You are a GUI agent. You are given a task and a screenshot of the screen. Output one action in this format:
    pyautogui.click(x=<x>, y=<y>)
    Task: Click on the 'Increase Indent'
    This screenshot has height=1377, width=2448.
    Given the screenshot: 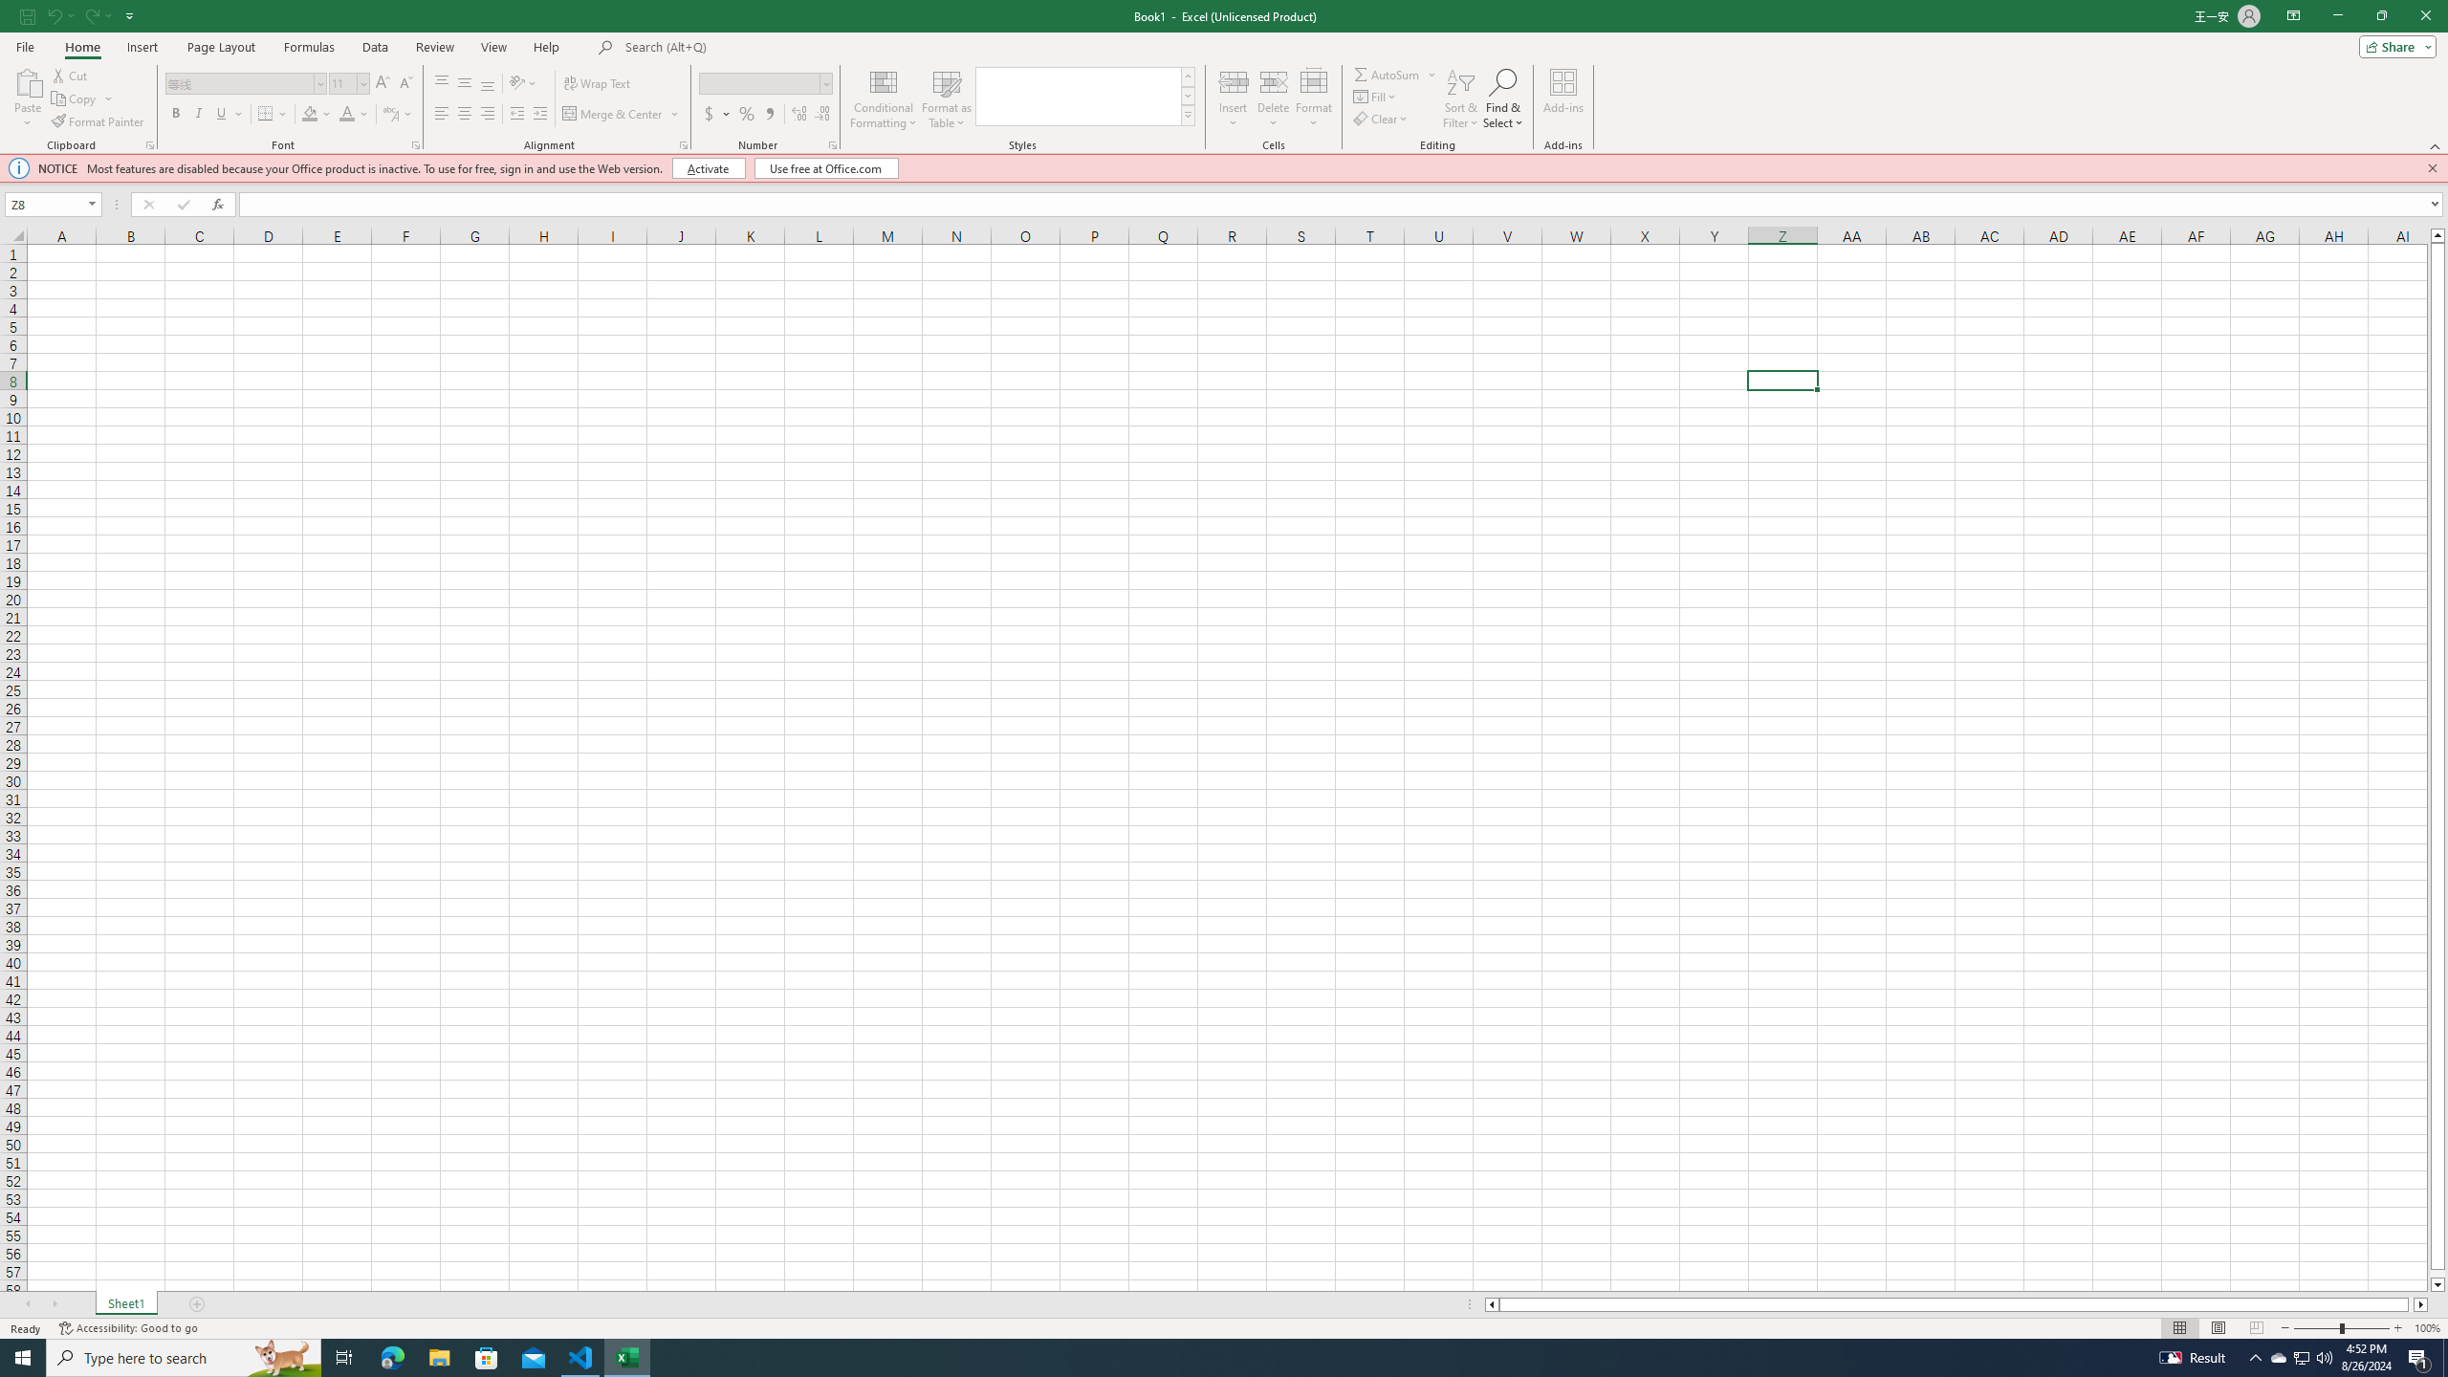 What is the action you would take?
    pyautogui.click(x=538, y=113)
    